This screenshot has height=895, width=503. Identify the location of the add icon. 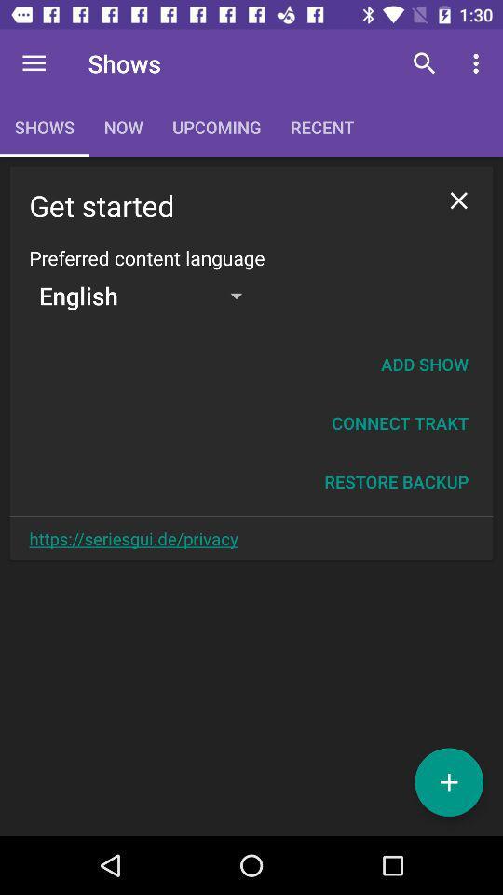
(448, 782).